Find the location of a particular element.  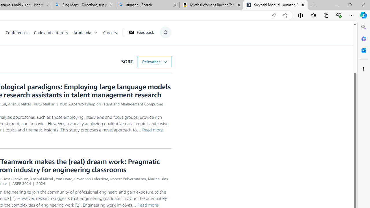

'Open Sub Navigation' is located at coordinates (95, 32).